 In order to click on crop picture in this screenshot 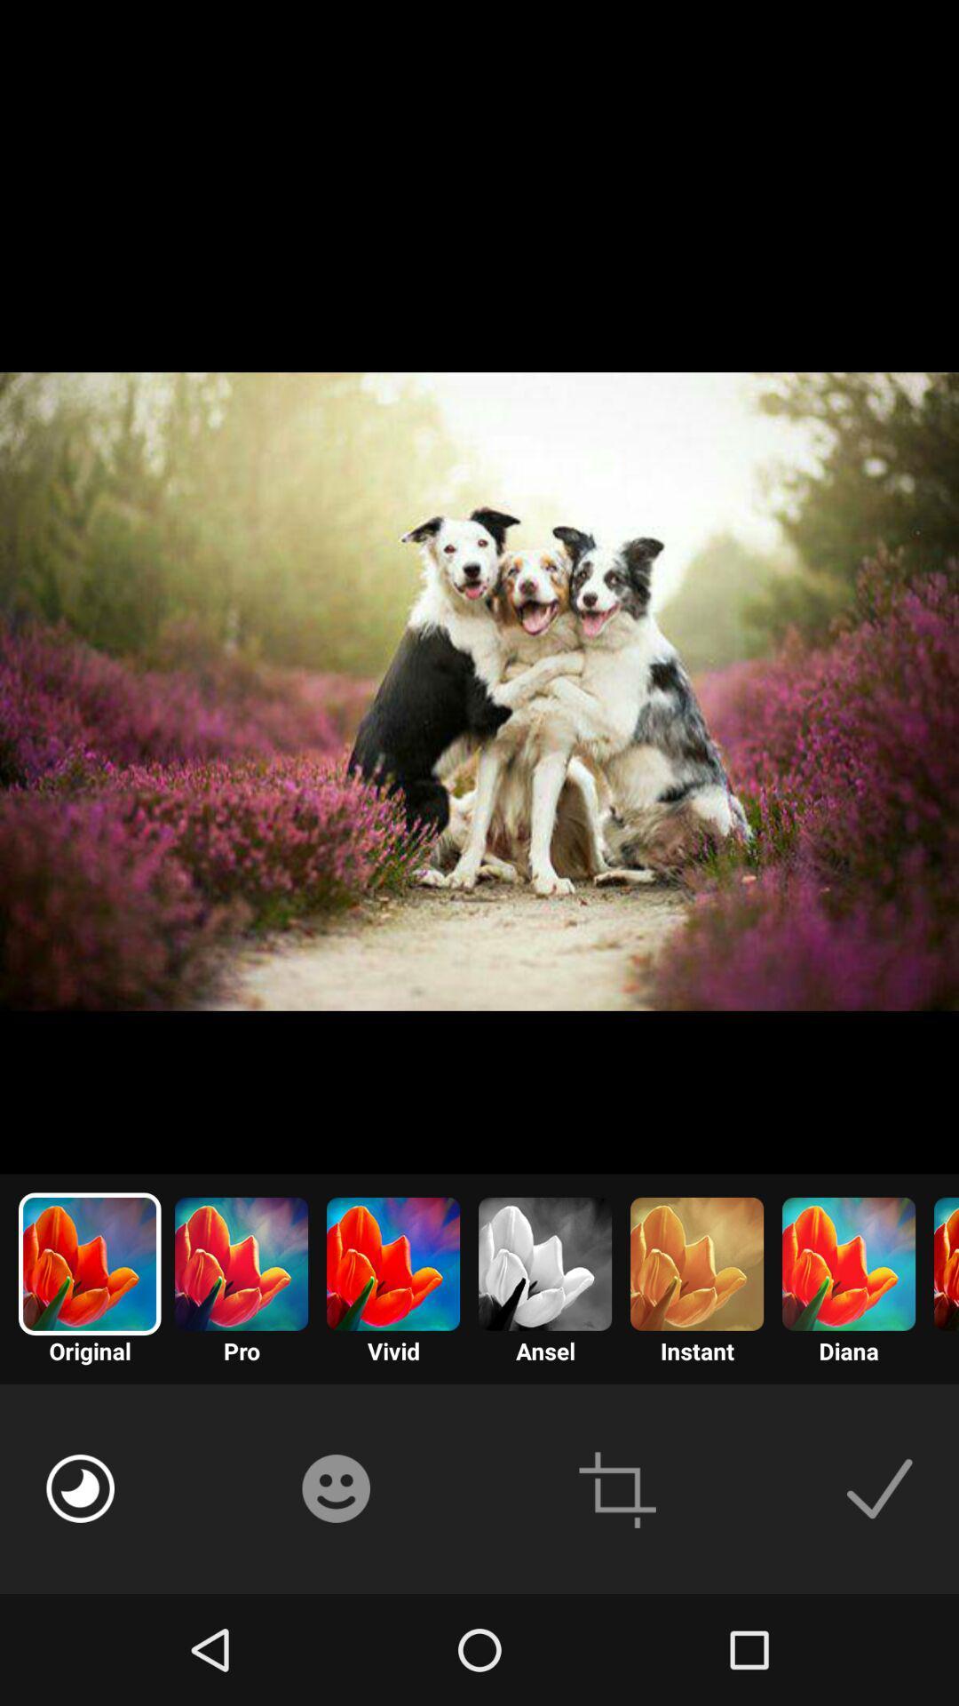, I will do `click(616, 1488)`.